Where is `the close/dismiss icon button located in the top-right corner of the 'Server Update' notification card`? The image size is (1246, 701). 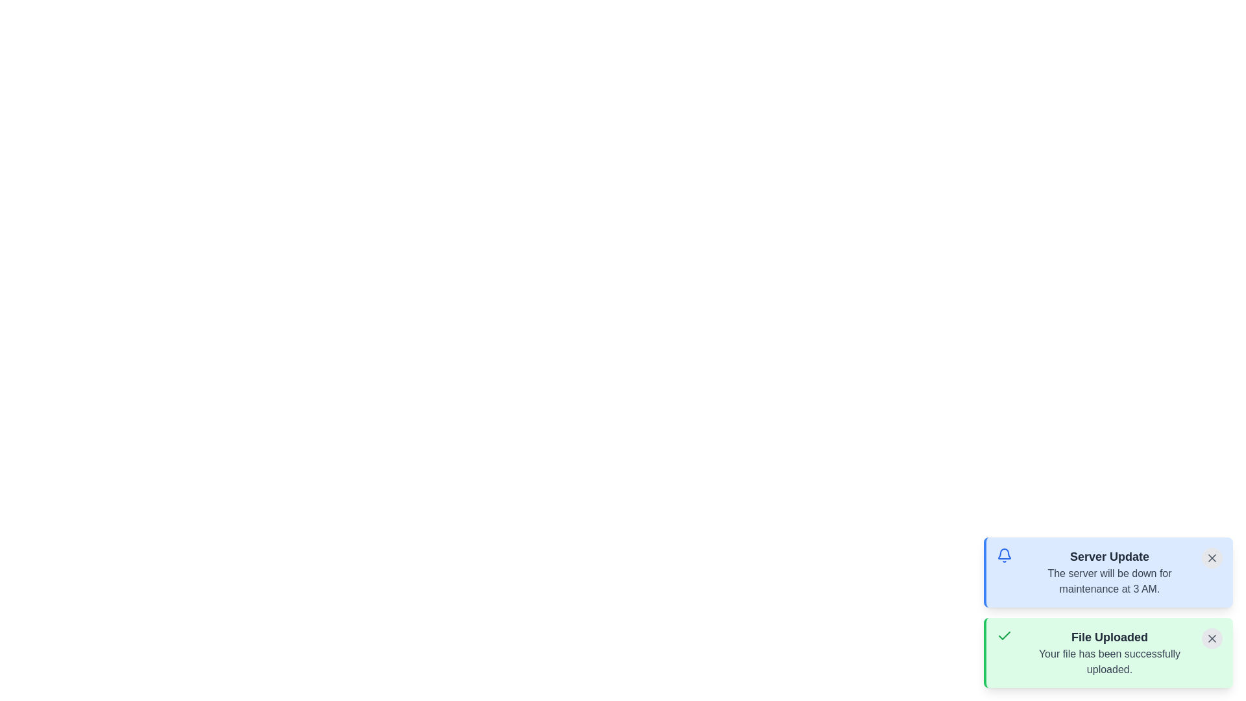
the close/dismiss icon button located in the top-right corner of the 'Server Update' notification card is located at coordinates (1211, 558).